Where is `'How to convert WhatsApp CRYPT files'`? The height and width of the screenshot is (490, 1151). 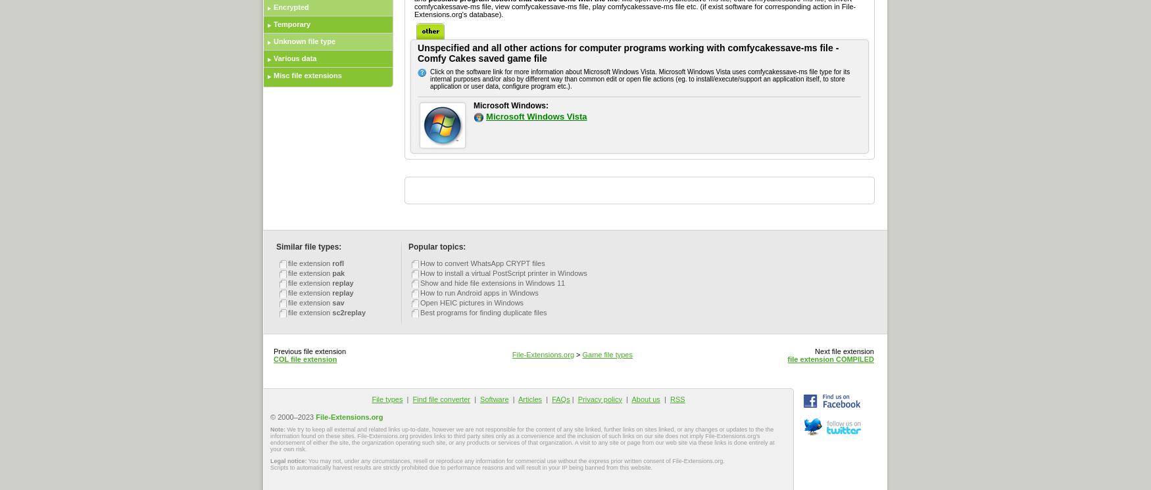
'How to convert WhatsApp CRYPT files' is located at coordinates (482, 263).